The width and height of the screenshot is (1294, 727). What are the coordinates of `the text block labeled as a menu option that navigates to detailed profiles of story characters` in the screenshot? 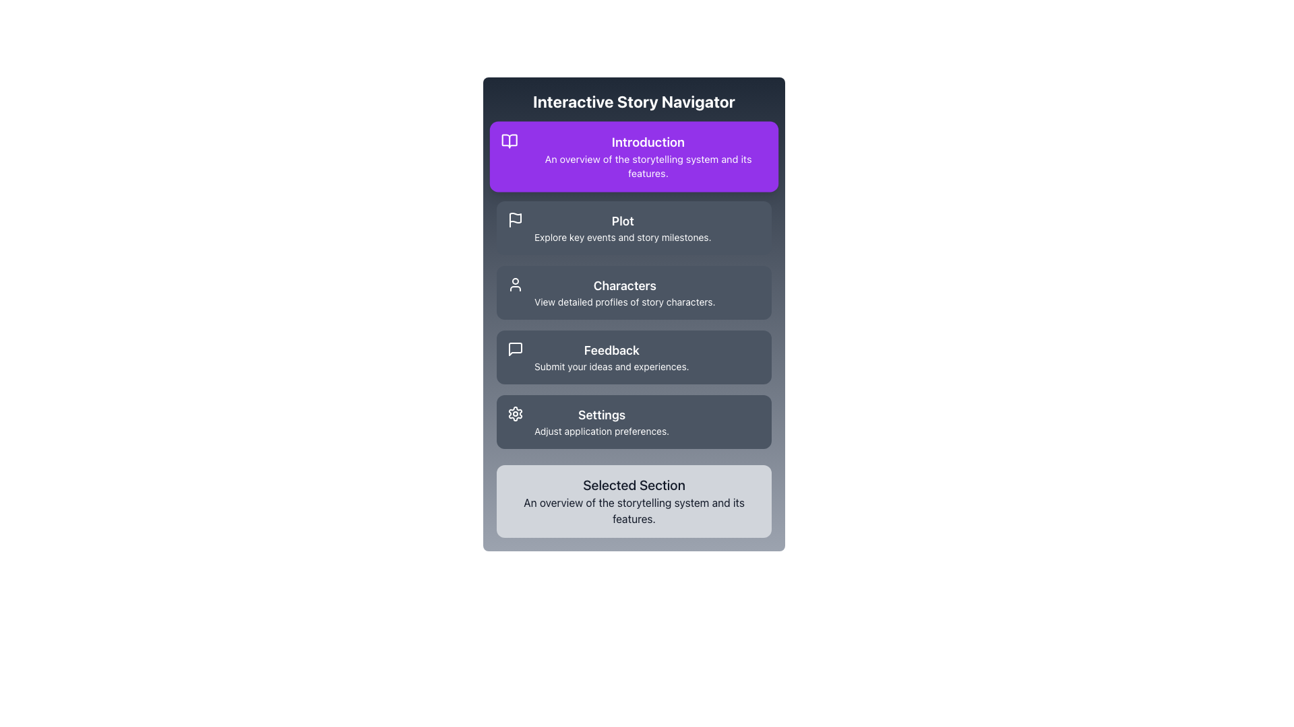 It's located at (623, 292).